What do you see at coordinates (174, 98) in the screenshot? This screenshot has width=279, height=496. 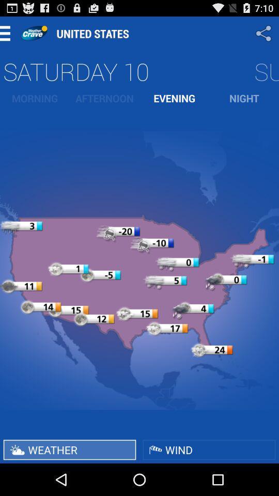 I see `the evening` at bounding box center [174, 98].